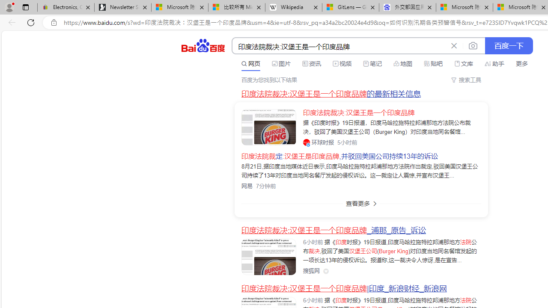 The width and height of the screenshot is (548, 308). What do you see at coordinates (66, 7) in the screenshot?
I see `'Electronics, Cars, Fashion, Collectibles & More | eBay'` at bounding box center [66, 7].